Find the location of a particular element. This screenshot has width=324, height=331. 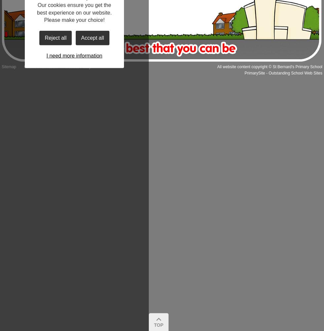

'PrimarySite - Outstanding School Web Sites' is located at coordinates (283, 72).